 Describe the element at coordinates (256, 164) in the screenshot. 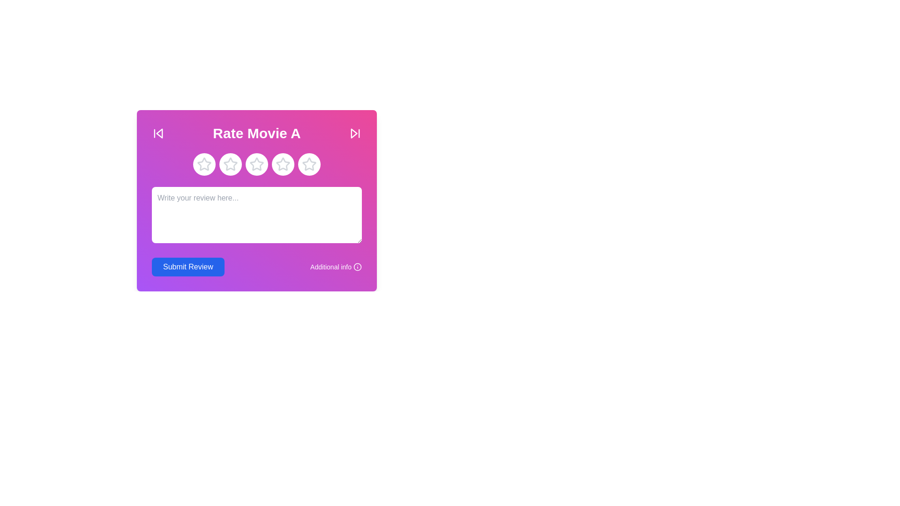

I see `the third star icon in the rating section` at that location.